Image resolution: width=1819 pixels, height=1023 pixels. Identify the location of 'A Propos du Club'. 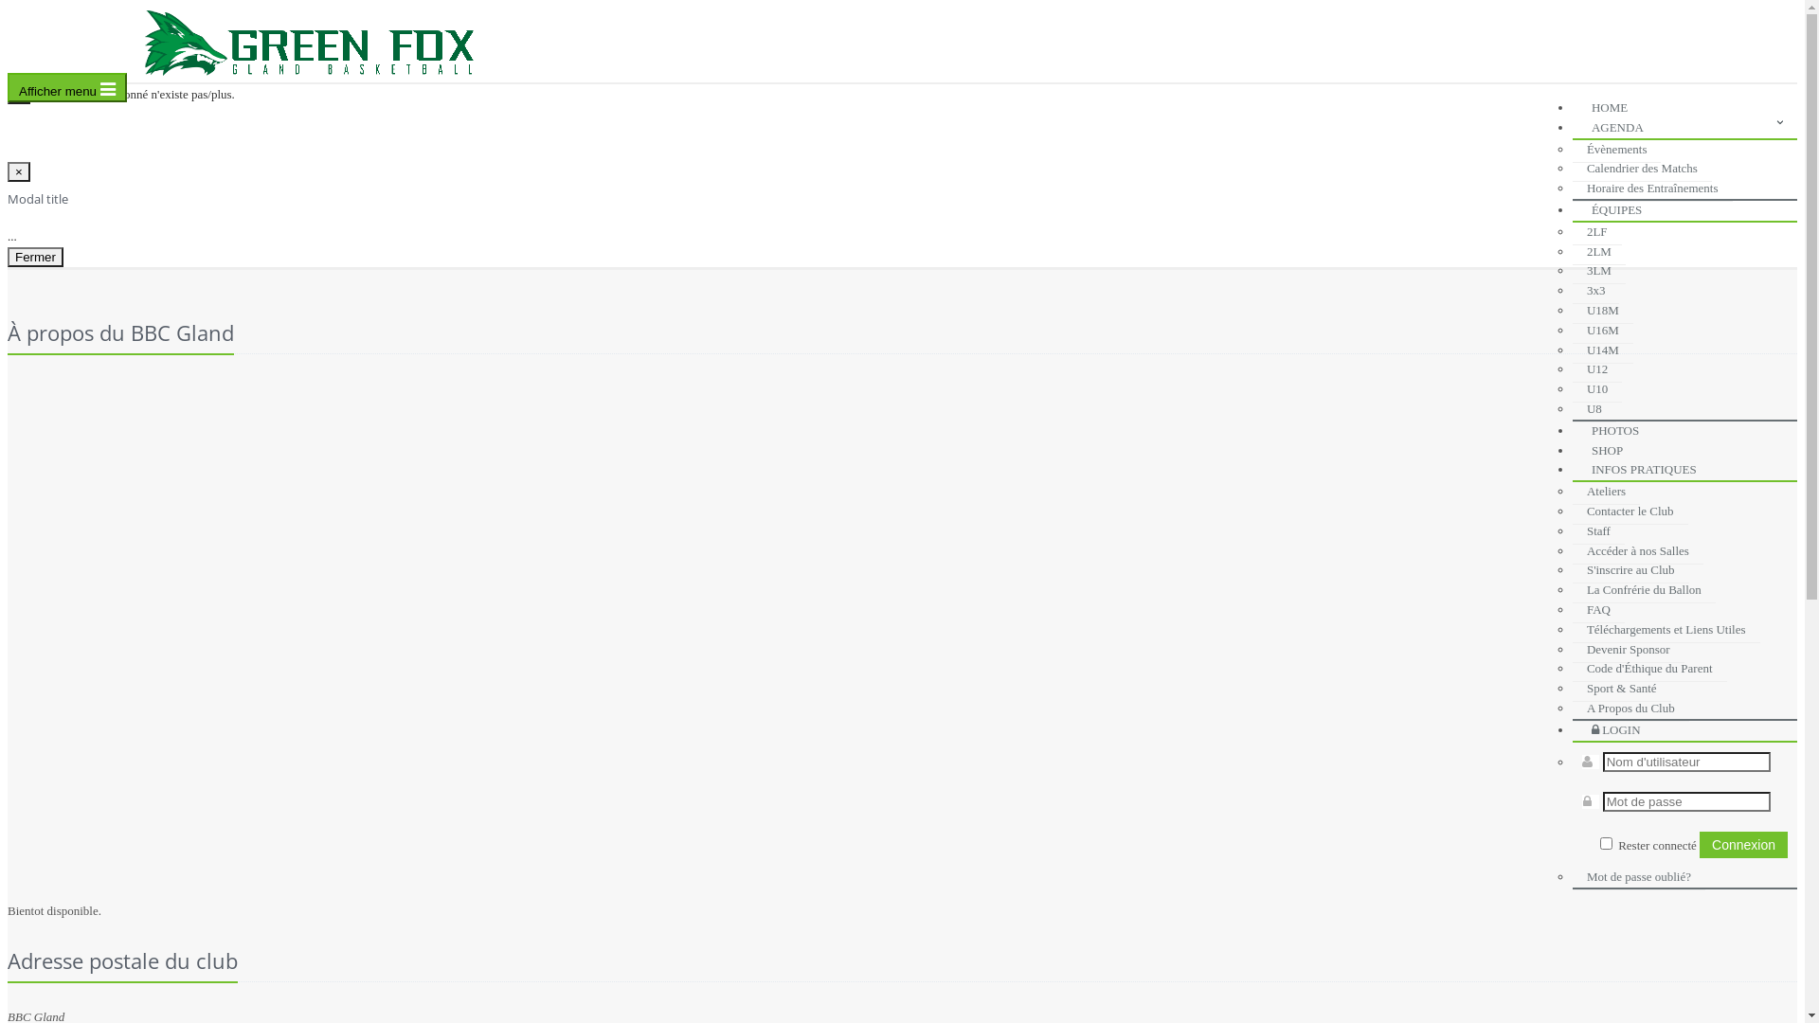
(1630, 709).